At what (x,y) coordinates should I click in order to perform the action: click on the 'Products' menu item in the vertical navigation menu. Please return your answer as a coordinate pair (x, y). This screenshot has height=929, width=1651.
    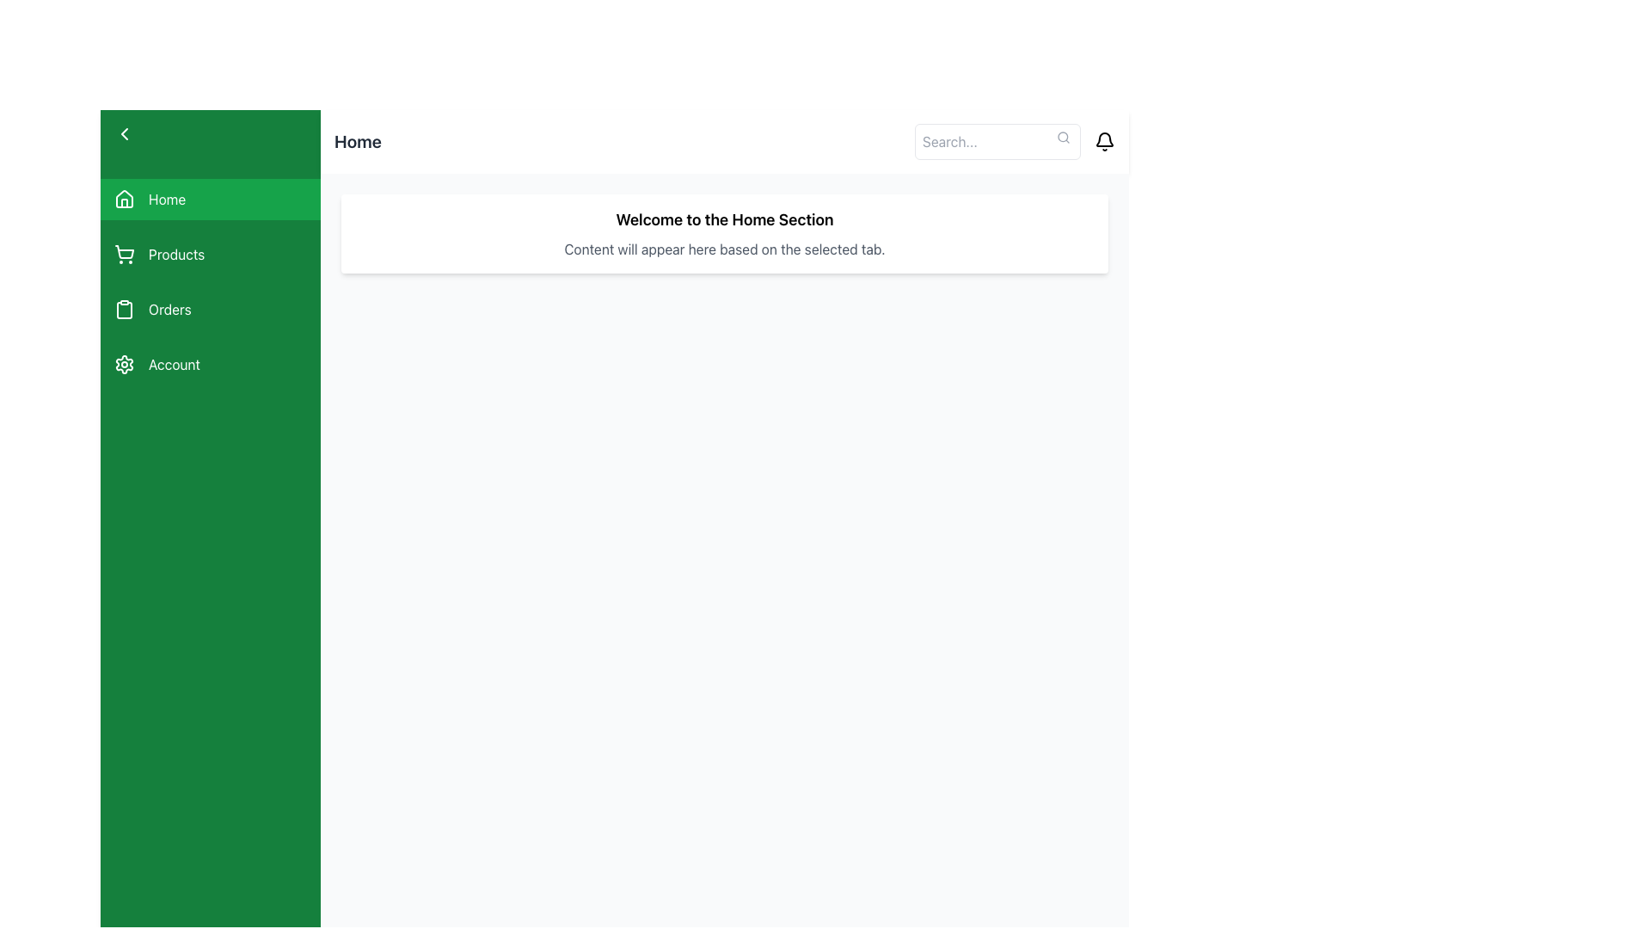
    Looking at the image, I should click on (209, 280).